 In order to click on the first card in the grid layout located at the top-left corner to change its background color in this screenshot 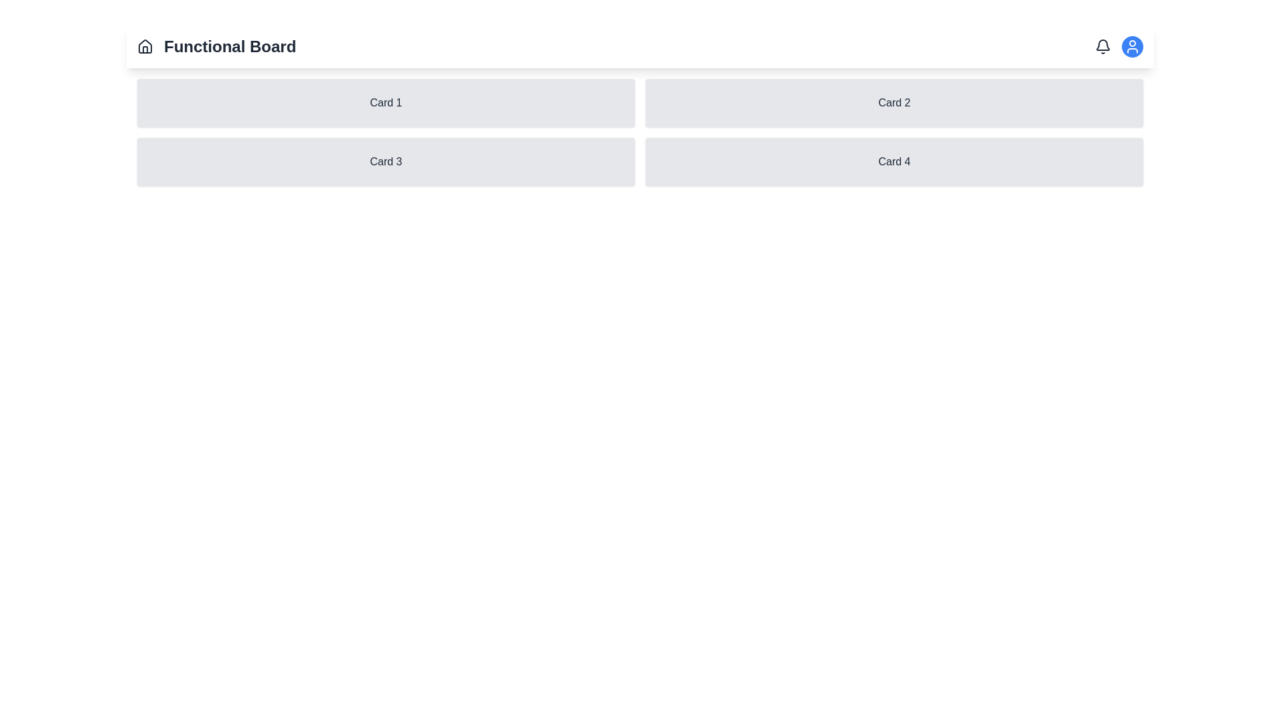, I will do `click(385, 102)`.